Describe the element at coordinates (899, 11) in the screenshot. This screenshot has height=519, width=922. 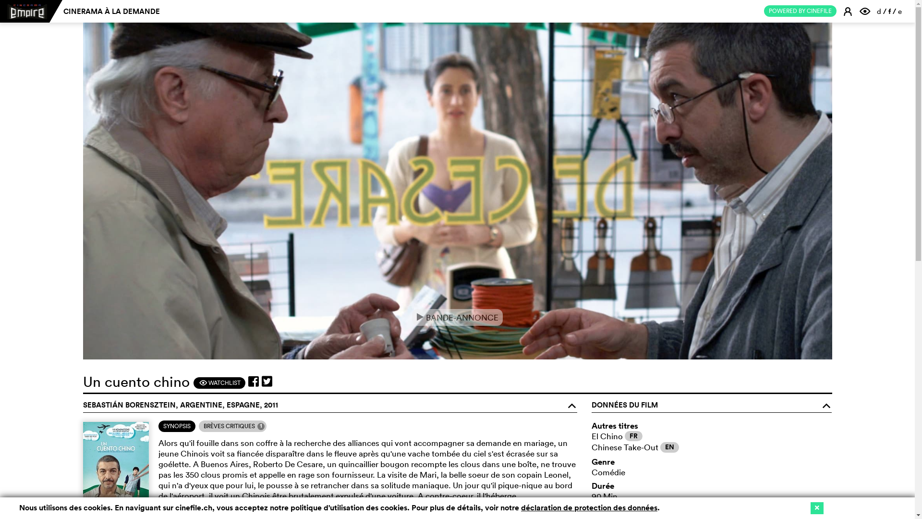
I see `'e'` at that location.